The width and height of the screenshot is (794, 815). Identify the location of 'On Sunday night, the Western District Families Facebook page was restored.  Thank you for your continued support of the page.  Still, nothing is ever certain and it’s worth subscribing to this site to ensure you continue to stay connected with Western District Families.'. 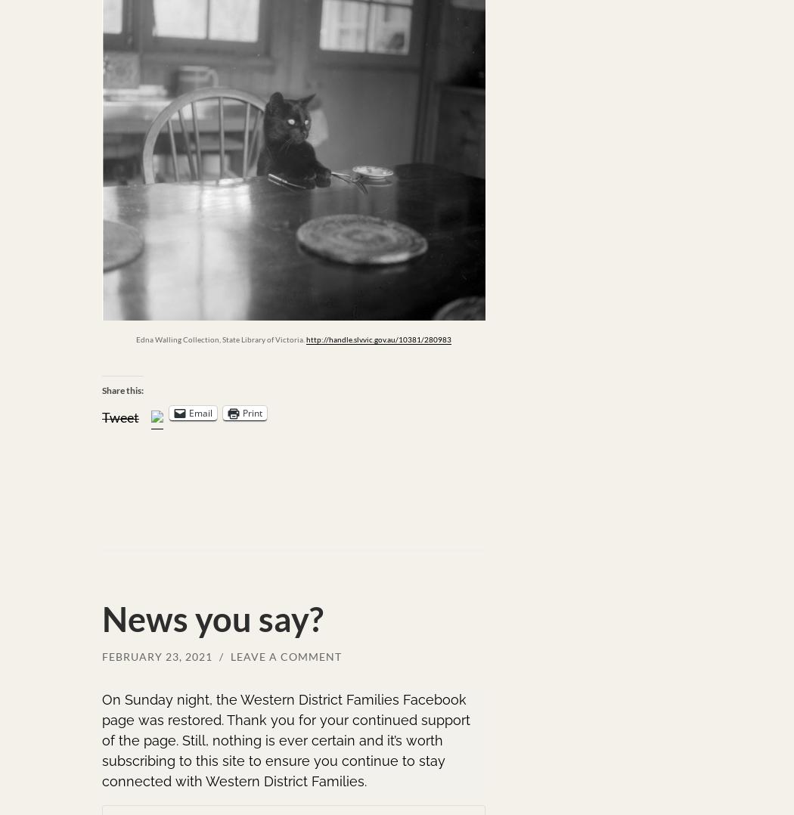
(286, 739).